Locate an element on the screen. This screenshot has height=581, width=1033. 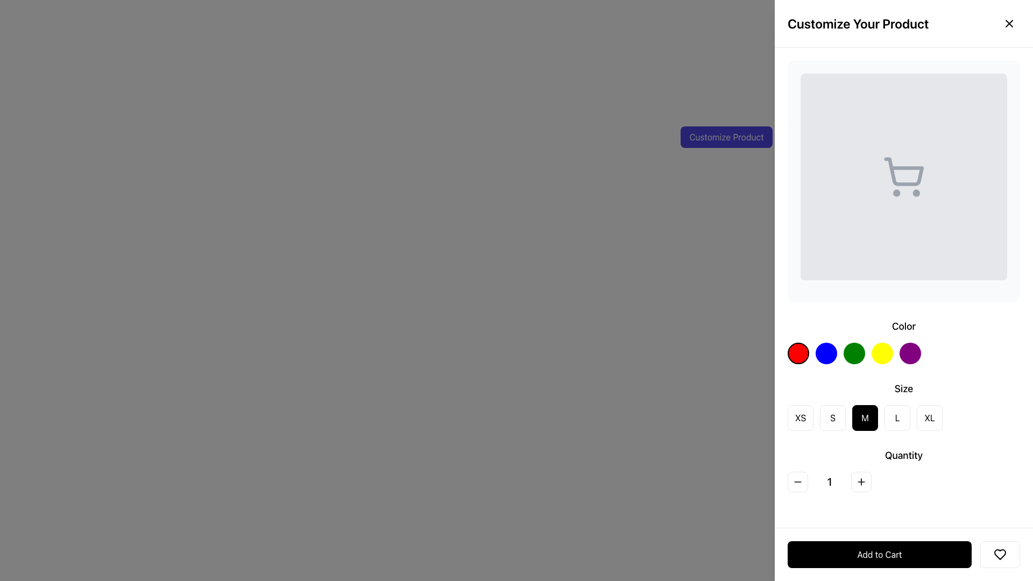
the interactive button for selecting the 'XS' size option located directly below the 'Size' label and to the left of the 'S' button is located at coordinates (801, 417).